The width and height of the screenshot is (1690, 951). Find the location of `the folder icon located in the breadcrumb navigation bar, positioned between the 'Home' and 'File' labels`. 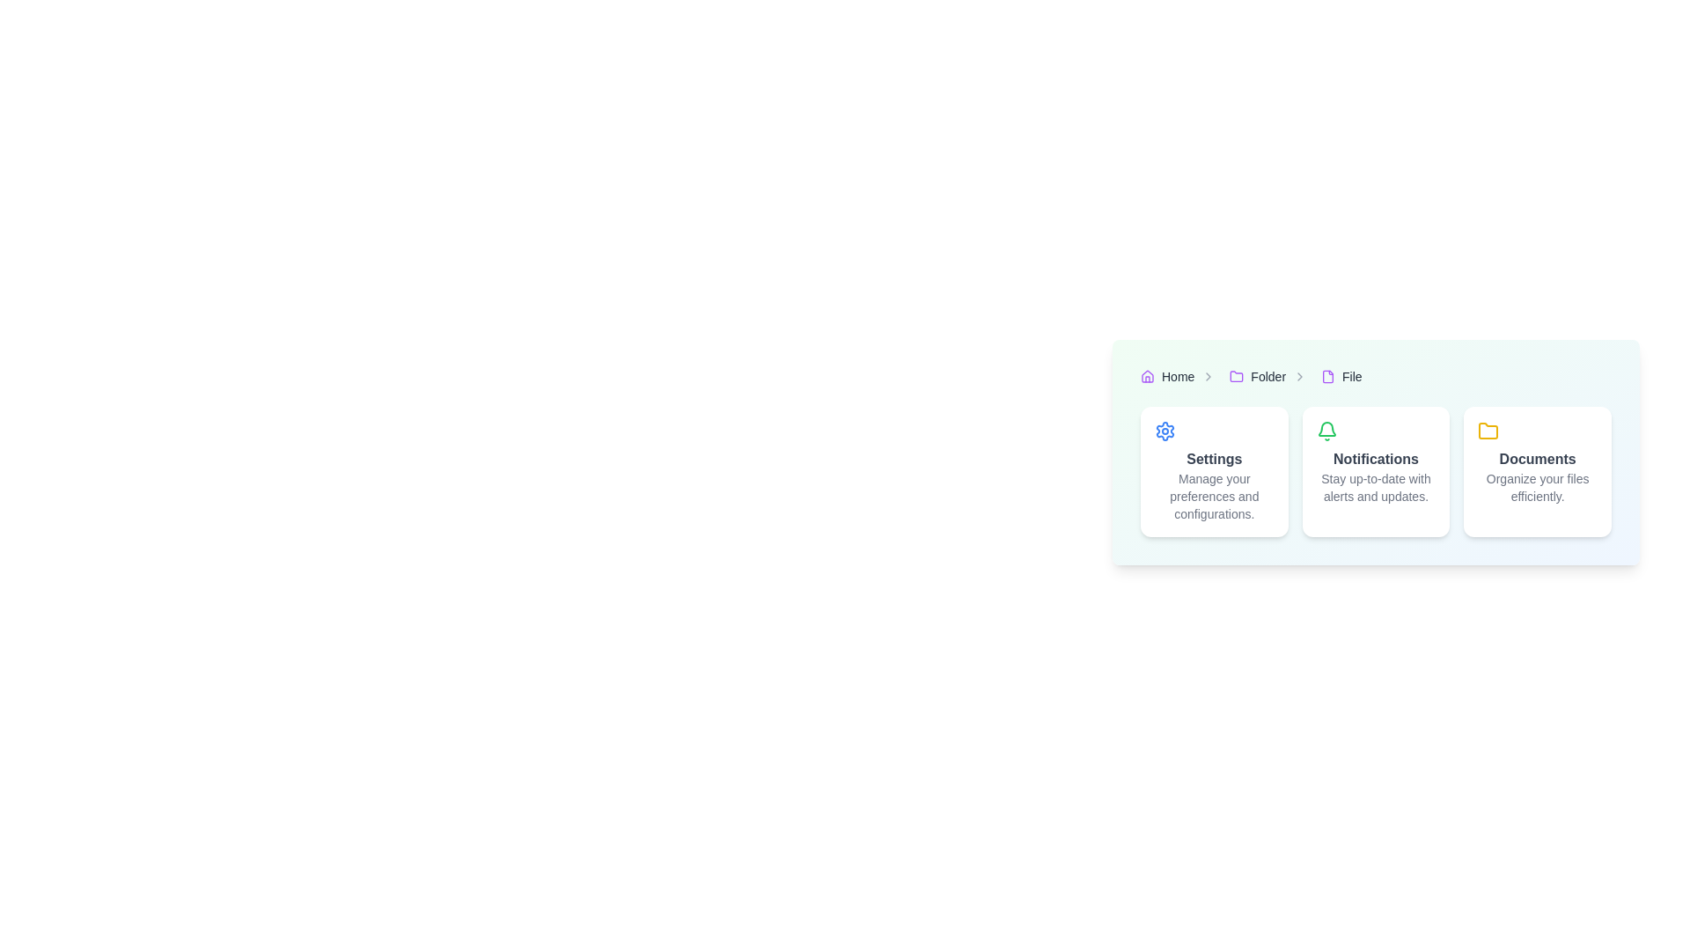

the folder icon located in the breadcrumb navigation bar, positioned between the 'Home' and 'File' labels is located at coordinates (1236, 375).